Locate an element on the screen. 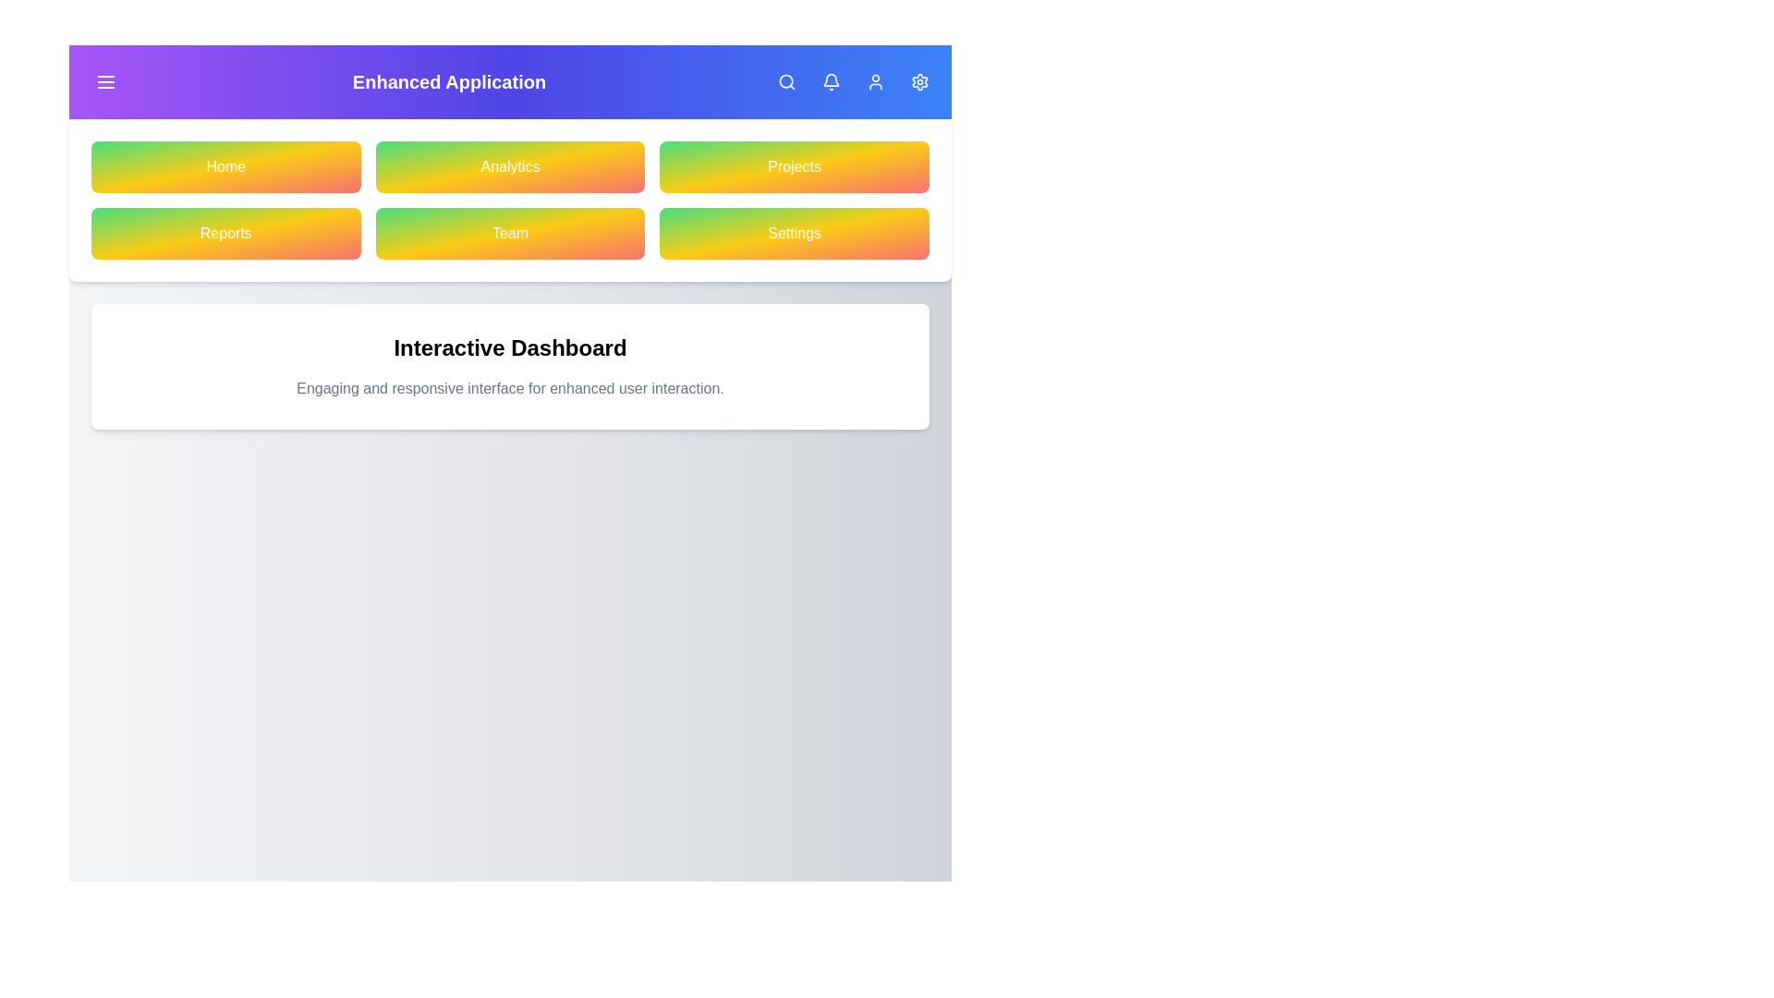 Image resolution: width=1774 pixels, height=998 pixels. the Bell header icon is located at coordinates (831, 80).